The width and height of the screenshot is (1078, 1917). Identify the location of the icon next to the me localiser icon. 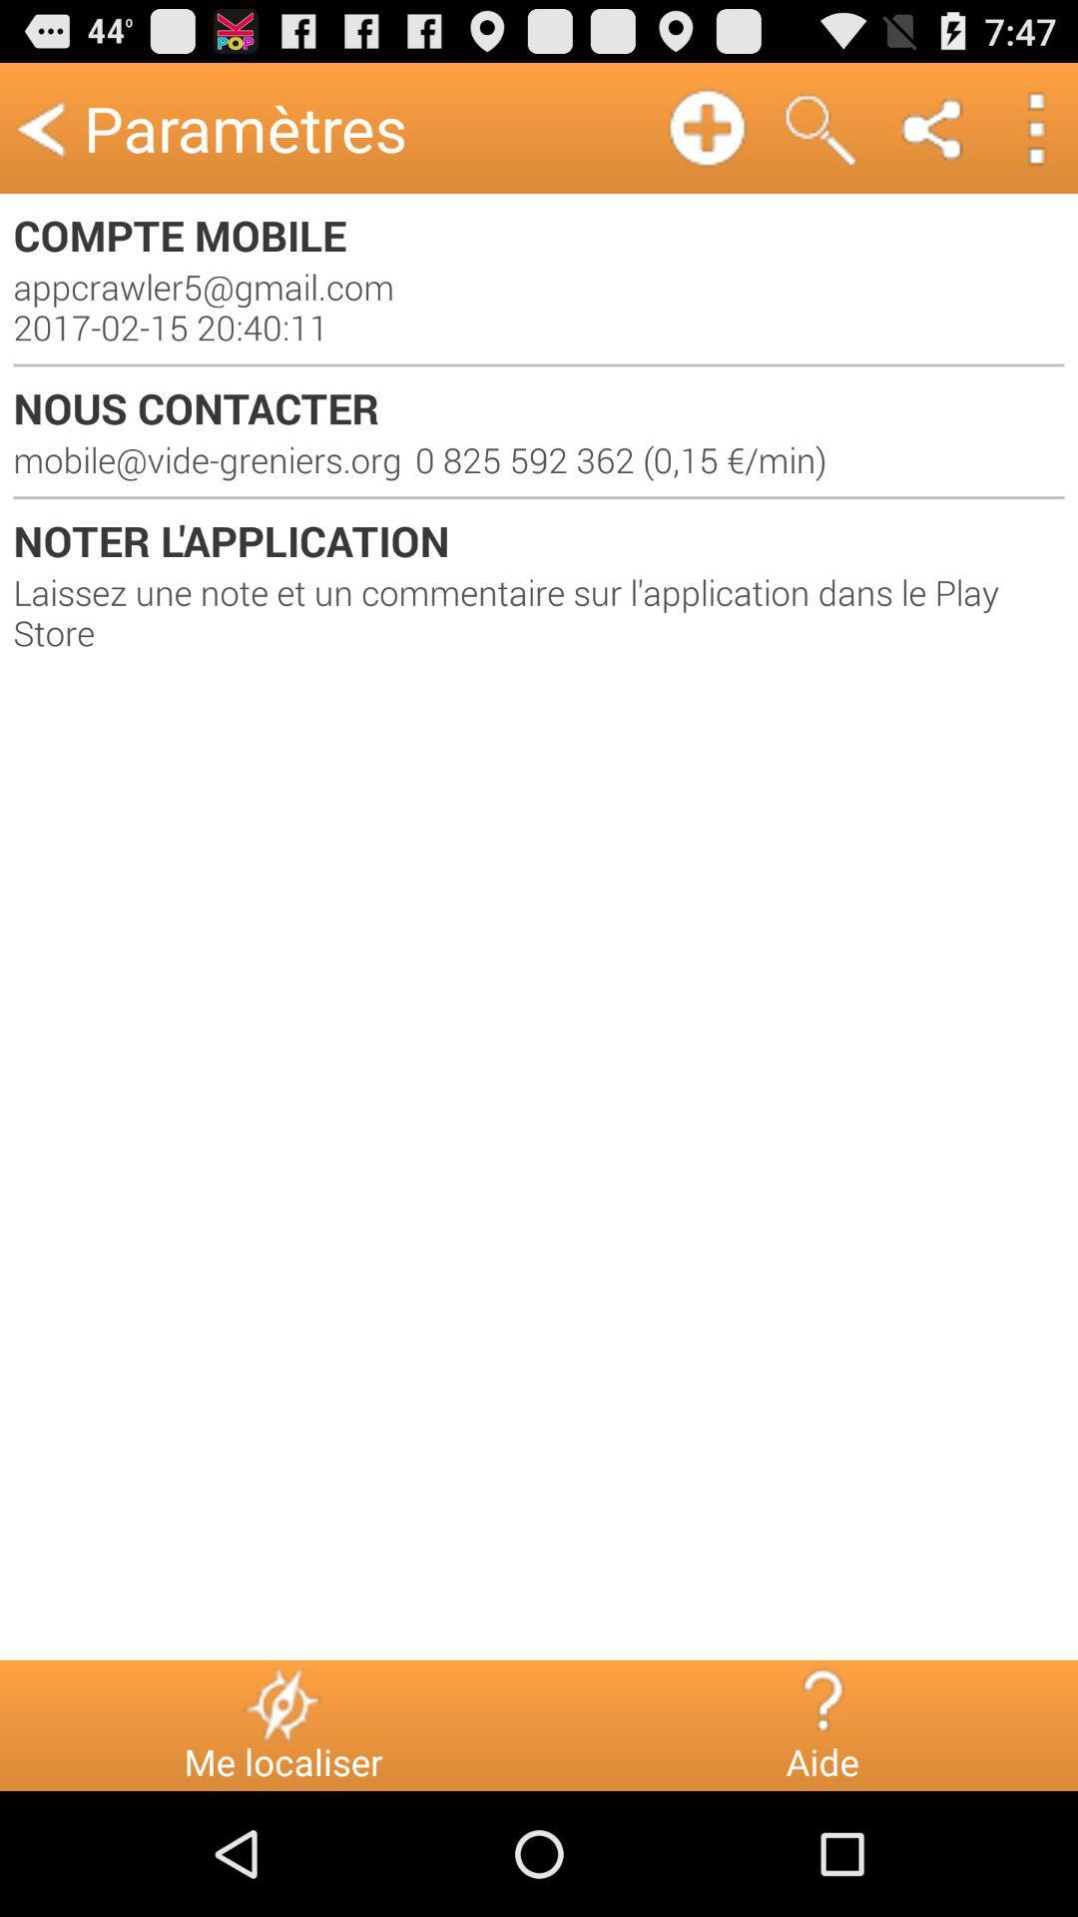
(821, 1702).